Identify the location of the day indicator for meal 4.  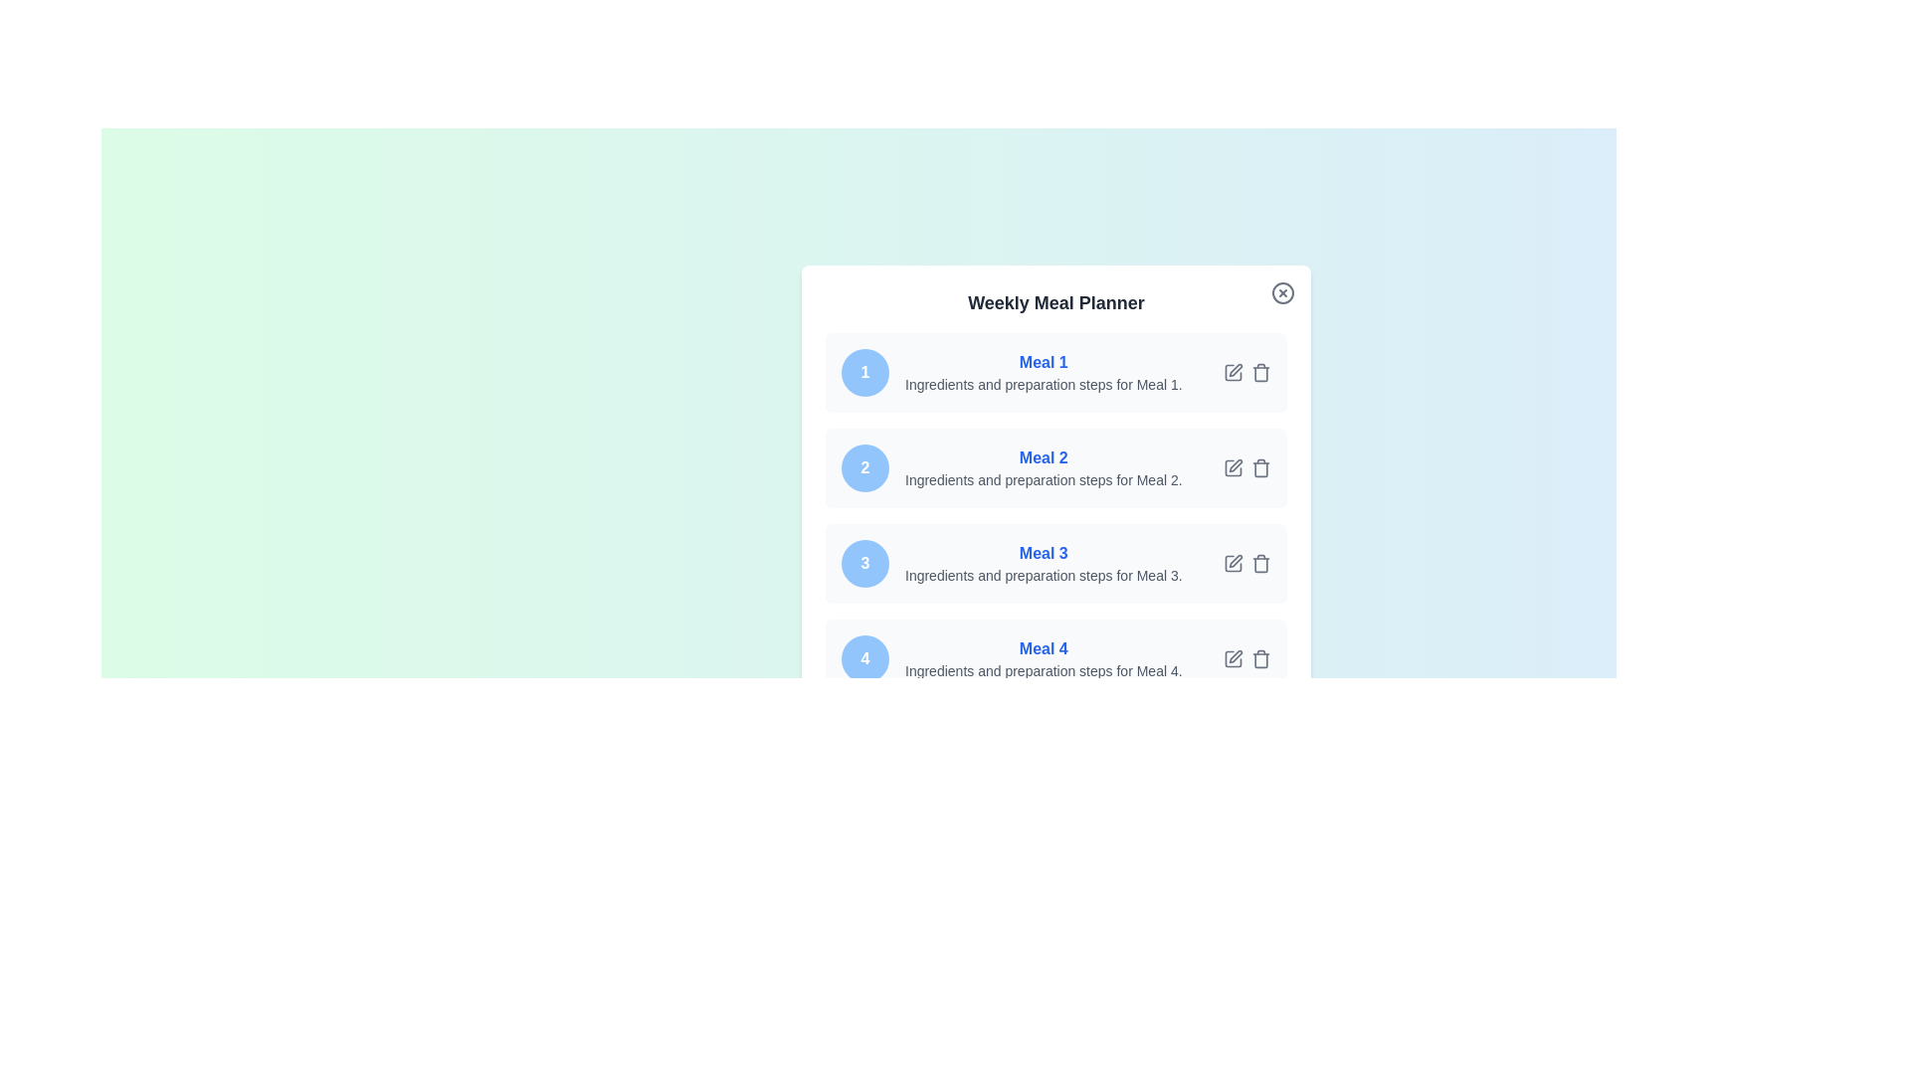
(864, 659).